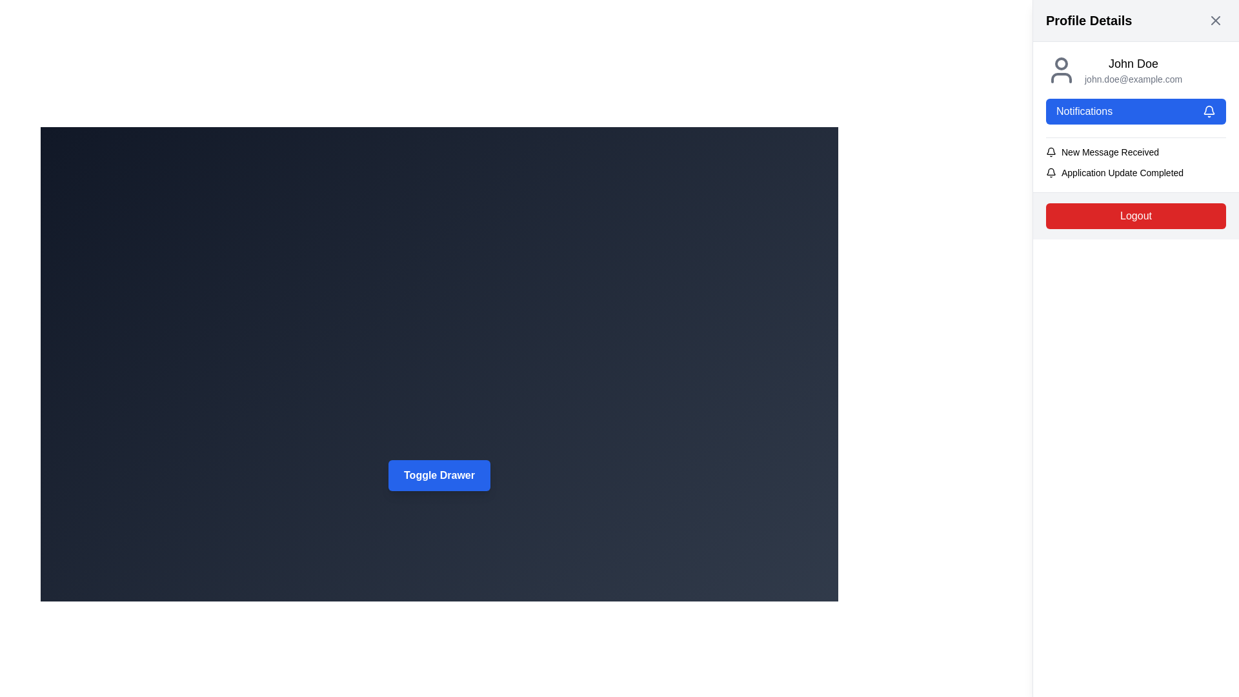 This screenshot has width=1239, height=697. Describe the element at coordinates (1133, 64) in the screenshot. I see `the user name text label located at the top of the 'Profile Details' section on the right-hand side of the interface` at that location.